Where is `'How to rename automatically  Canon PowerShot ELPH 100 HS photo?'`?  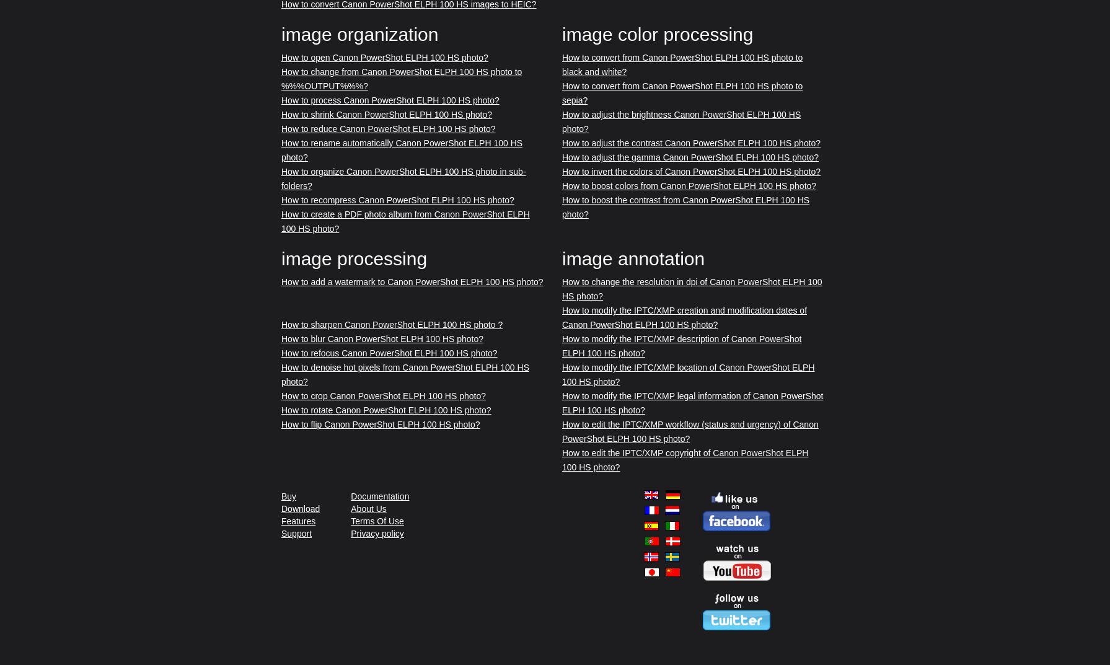
'How to rename automatically  Canon PowerShot ELPH 100 HS photo?' is located at coordinates (402, 149).